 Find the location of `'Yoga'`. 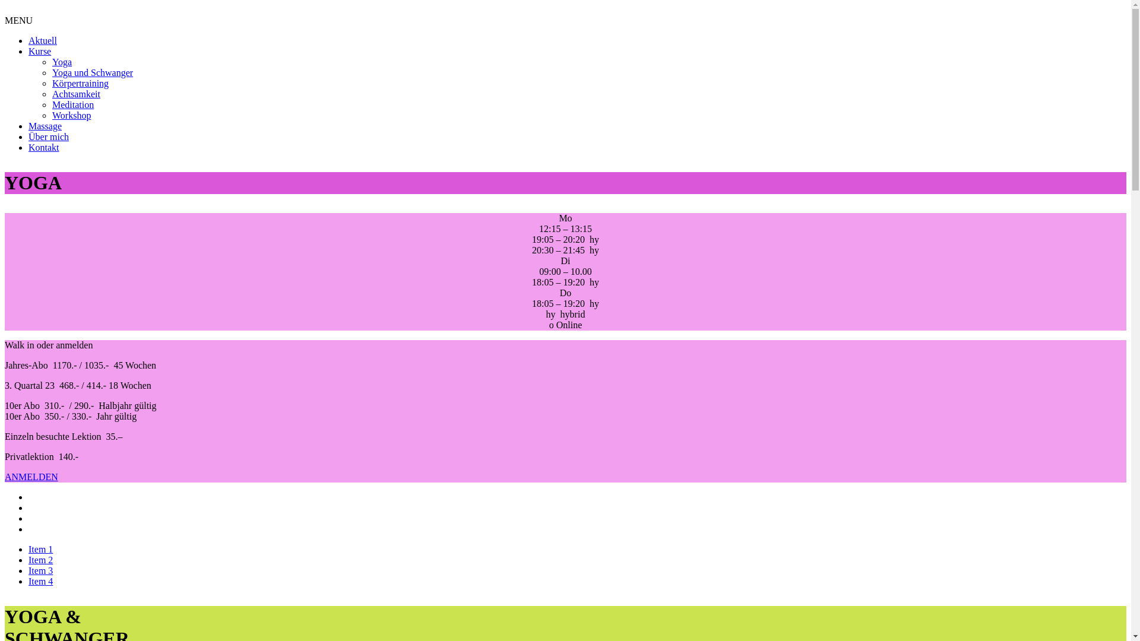

'Yoga' is located at coordinates (51, 62).